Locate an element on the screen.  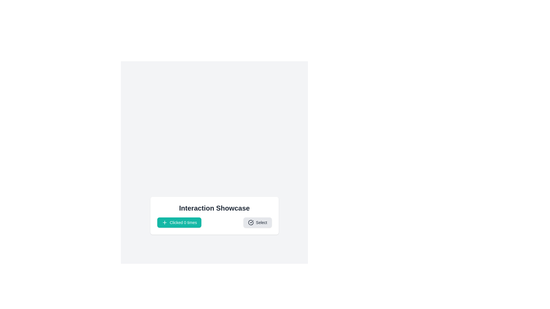
the prominent, horizontally elongated button labeled 'Select' with a light gray background and a checked circle icon is located at coordinates (257, 222).